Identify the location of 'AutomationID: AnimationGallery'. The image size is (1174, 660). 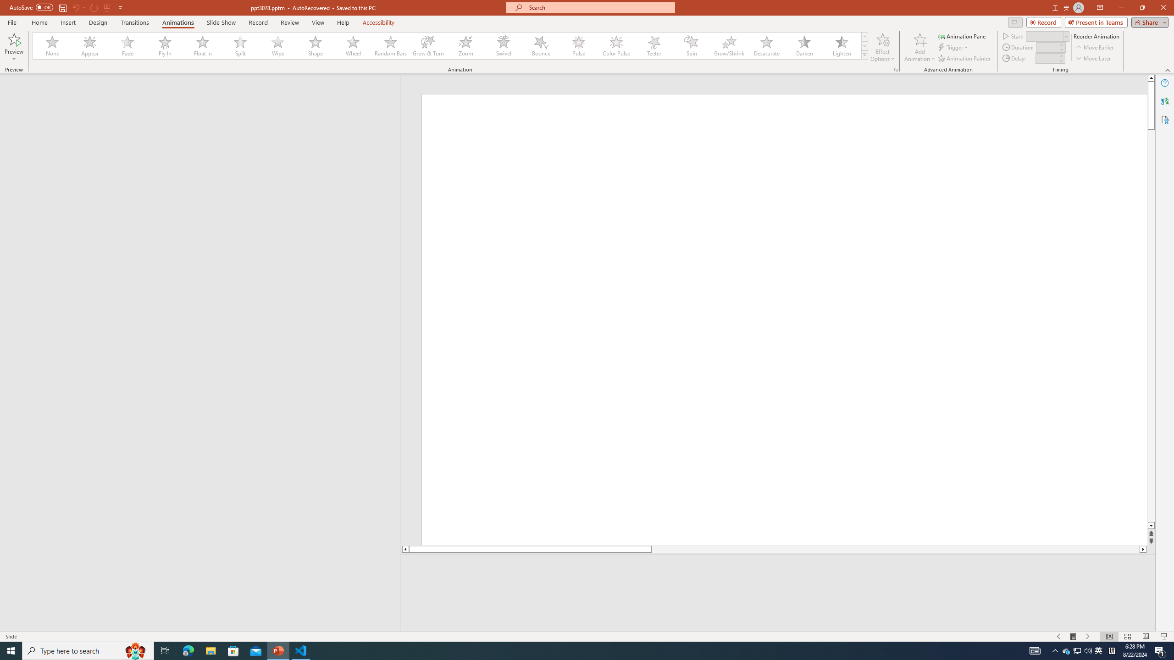
(450, 45).